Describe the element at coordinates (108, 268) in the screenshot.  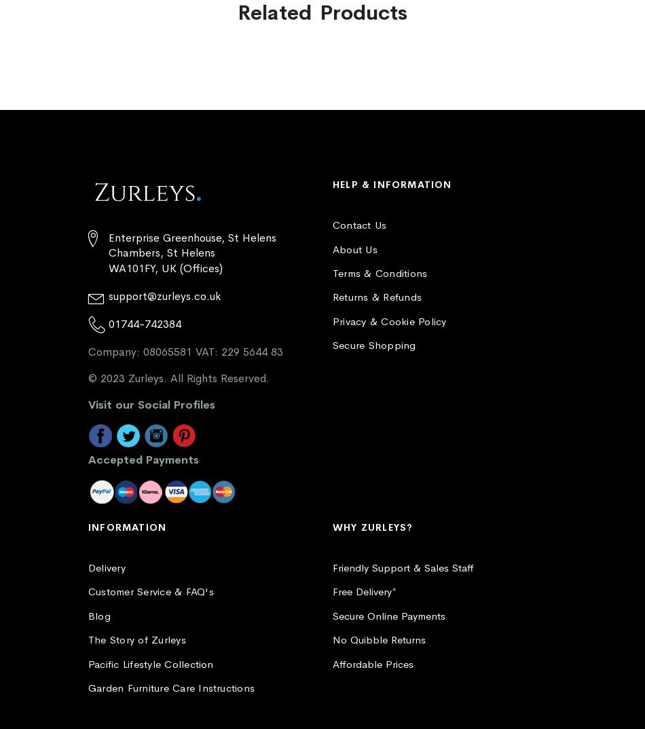
I see `'WA101FY, UK (Offices)'` at that location.